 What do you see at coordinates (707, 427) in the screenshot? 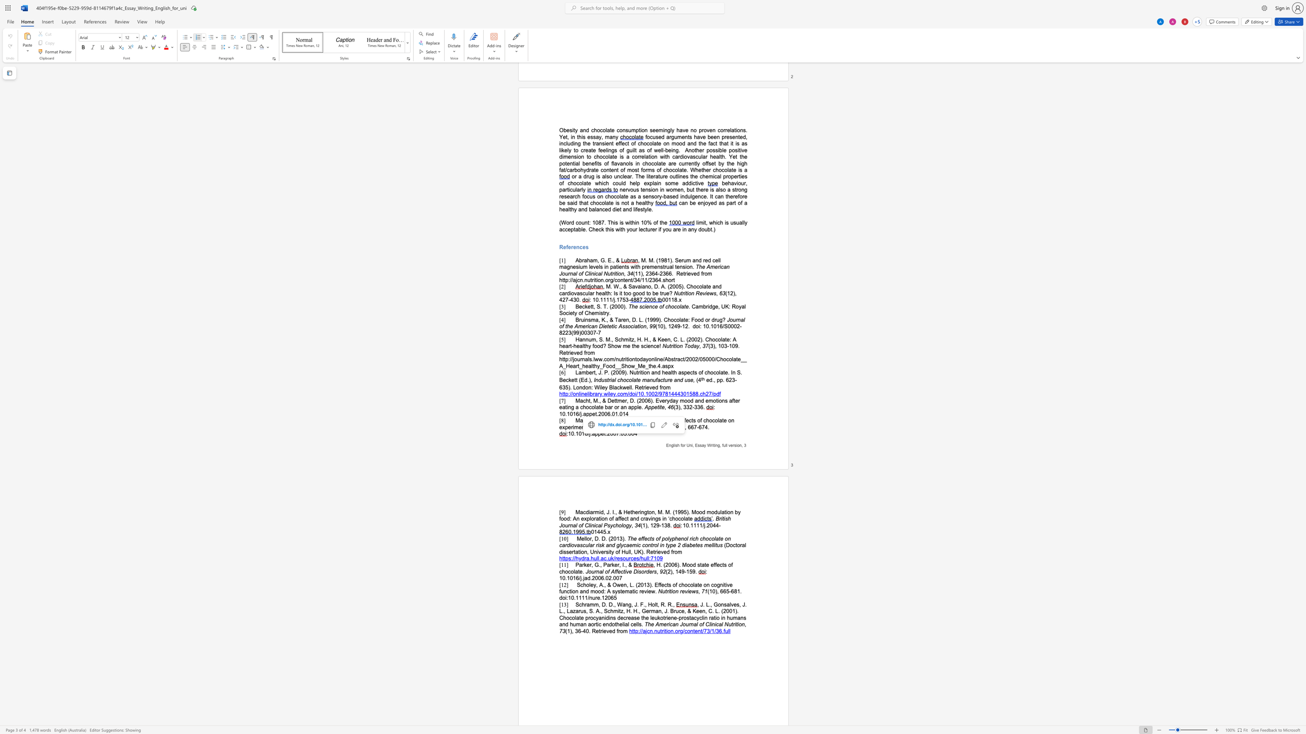
I see `the space between the continuous character "4" and "." in the text` at bounding box center [707, 427].